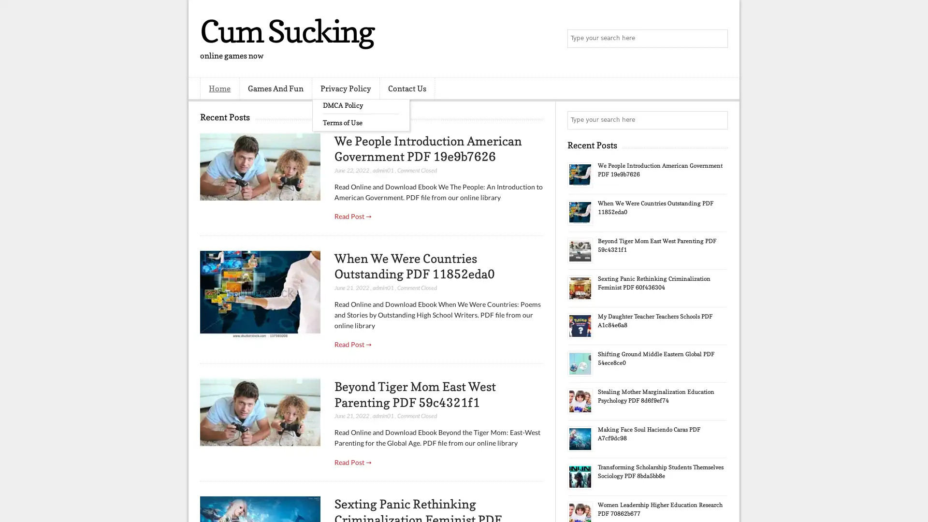  I want to click on Search, so click(718, 120).